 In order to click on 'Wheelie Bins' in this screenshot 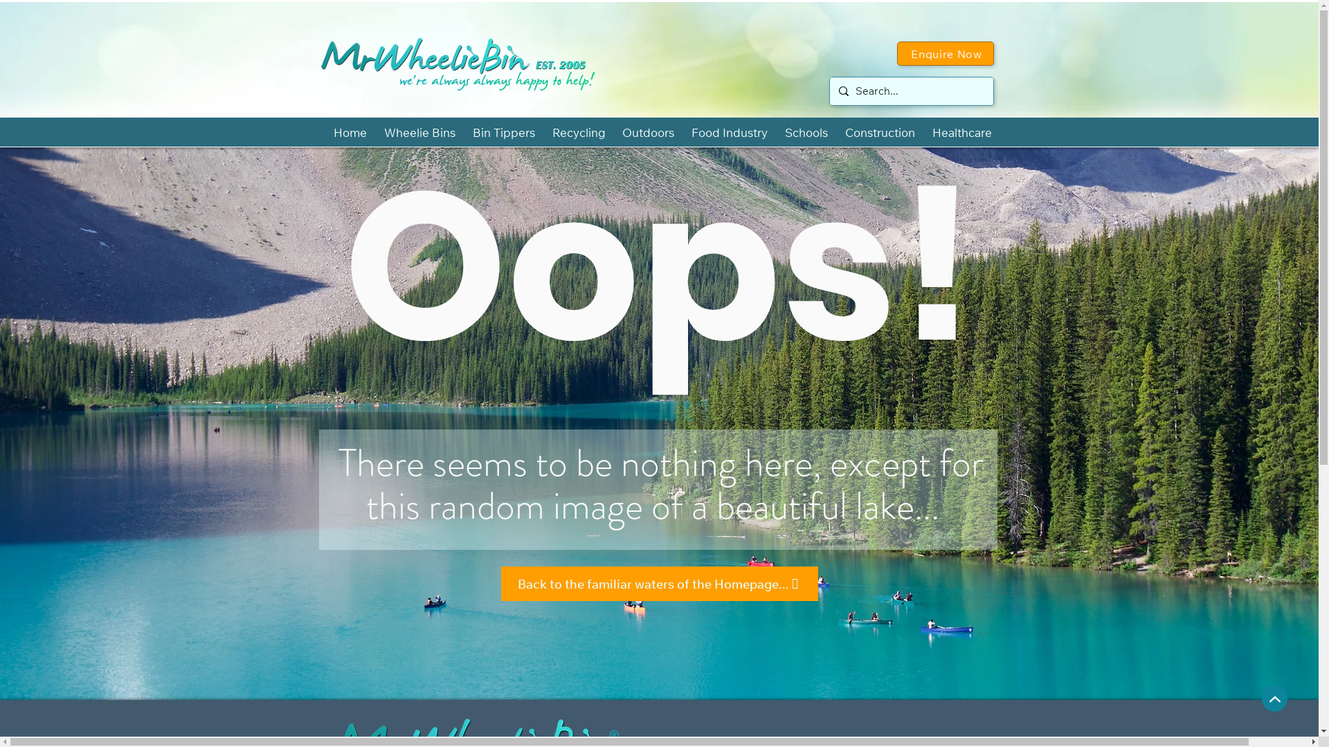, I will do `click(418, 132)`.